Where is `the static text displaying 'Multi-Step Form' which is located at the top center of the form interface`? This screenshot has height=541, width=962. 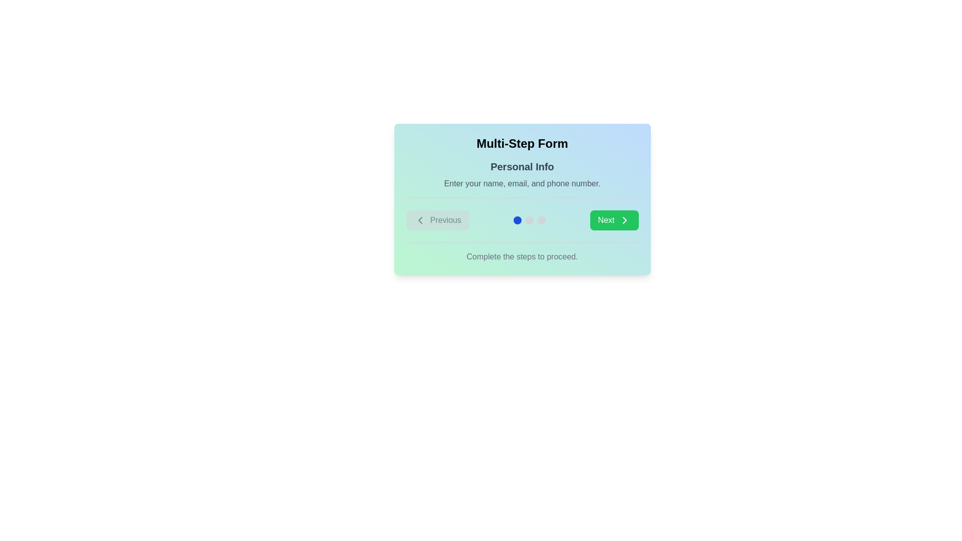
the static text displaying 'Multi-Step Form' which is located at the top center of the form interface is located at coordinates (522, 143).